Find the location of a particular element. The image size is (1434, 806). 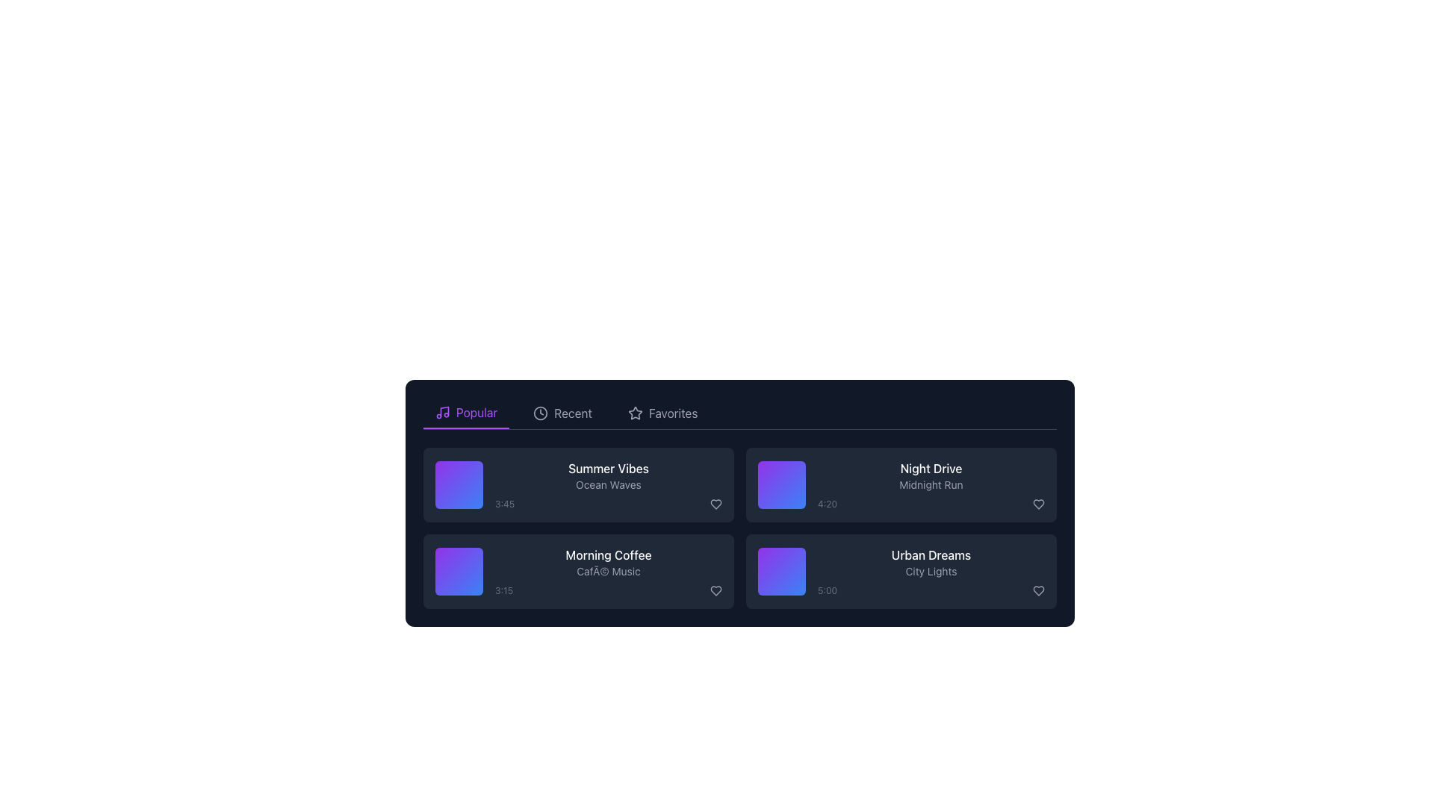

the heart-shaped icon button located in the bottom-right corner of the card for the song 'Night Drive' to mark it as a favorite is located at coordinates (1038, 504).